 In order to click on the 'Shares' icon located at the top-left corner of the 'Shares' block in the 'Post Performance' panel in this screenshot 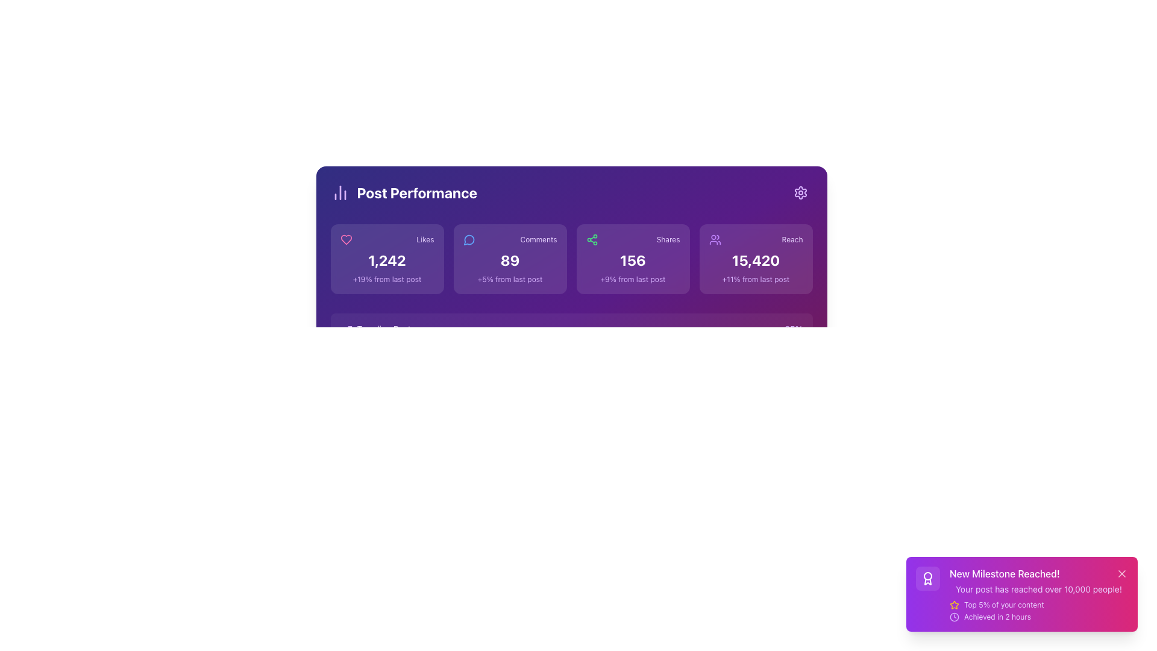, I will do `click(592, 239)`.